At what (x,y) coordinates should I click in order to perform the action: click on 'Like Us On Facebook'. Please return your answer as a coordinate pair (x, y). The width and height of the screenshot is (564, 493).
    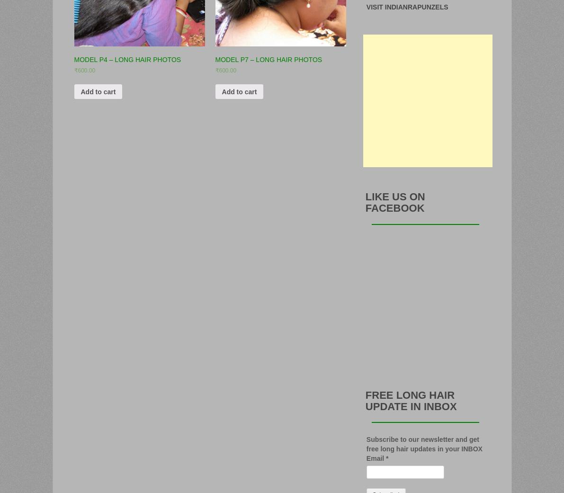
    Looking at the image, I should click on (395, 202).